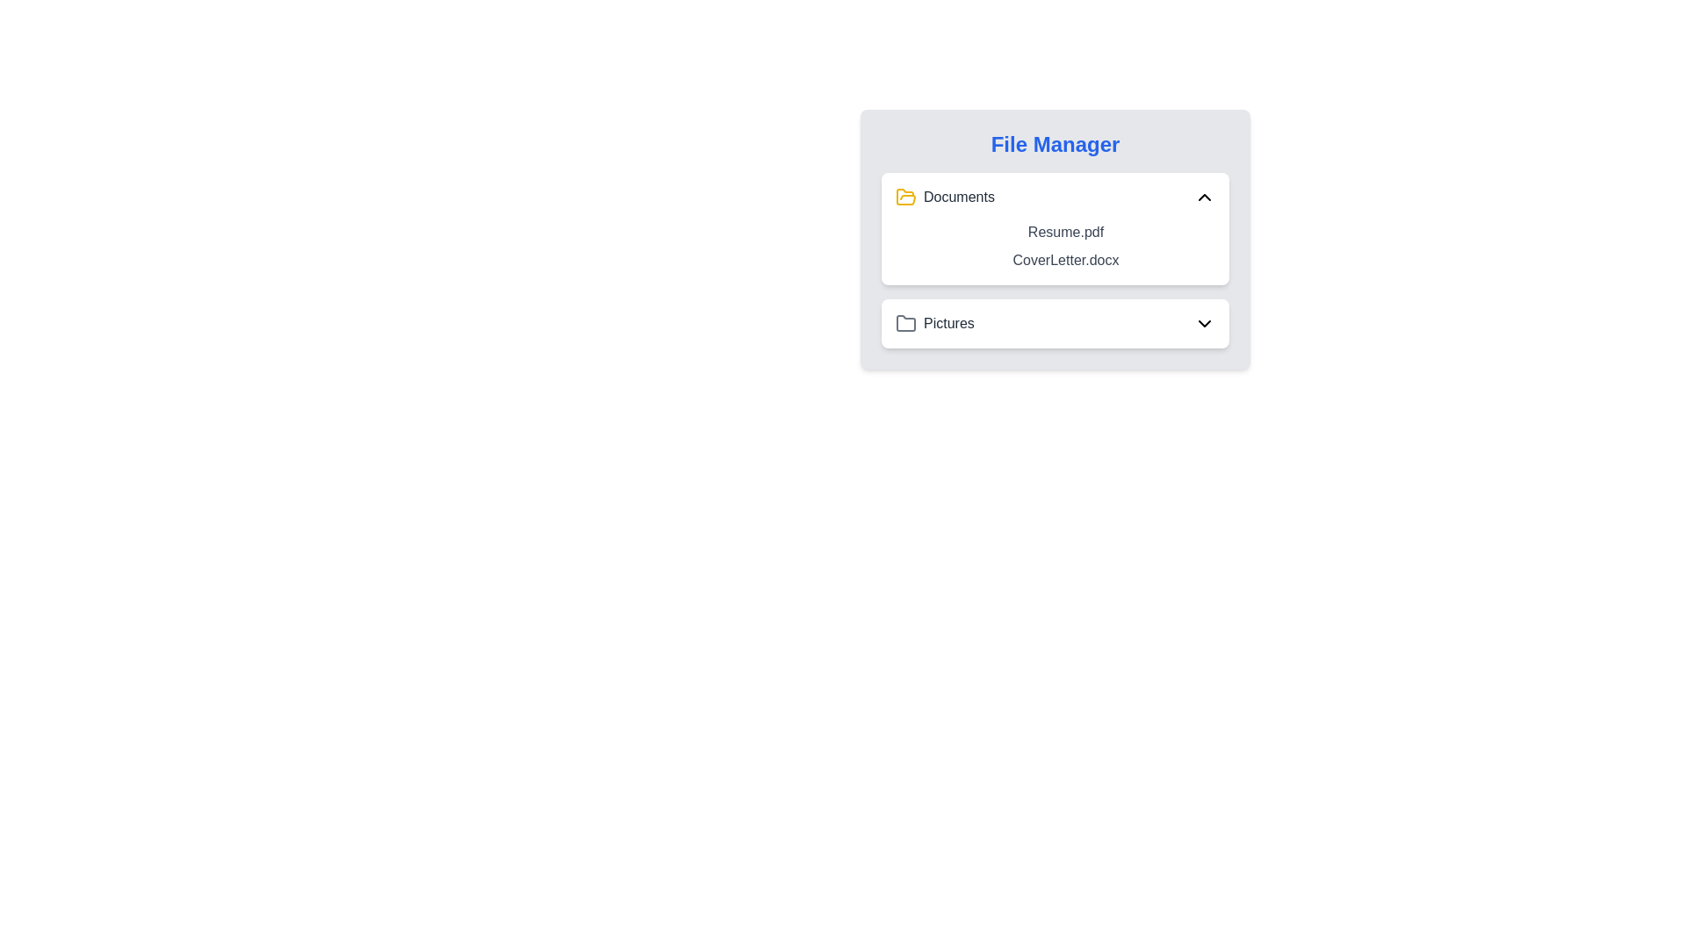  What do you see at coordinates (1204, 197) in the screenshot?
I see `the icon button on the far right side of the 'Documents' section` at bounding box center [1204, 197].